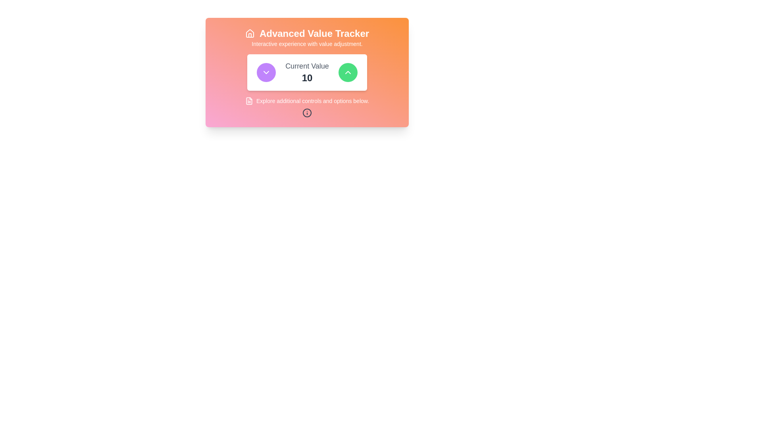 Image resolution: width=762 pixels, height=428 pixels. Describe the element at coordinates (348, 72) in the screenshot. I see `the button with a chevron-up icon, which is a green rounded button located in the center-top of the display, next to the purple button and the text 'Current Value'` at that location.